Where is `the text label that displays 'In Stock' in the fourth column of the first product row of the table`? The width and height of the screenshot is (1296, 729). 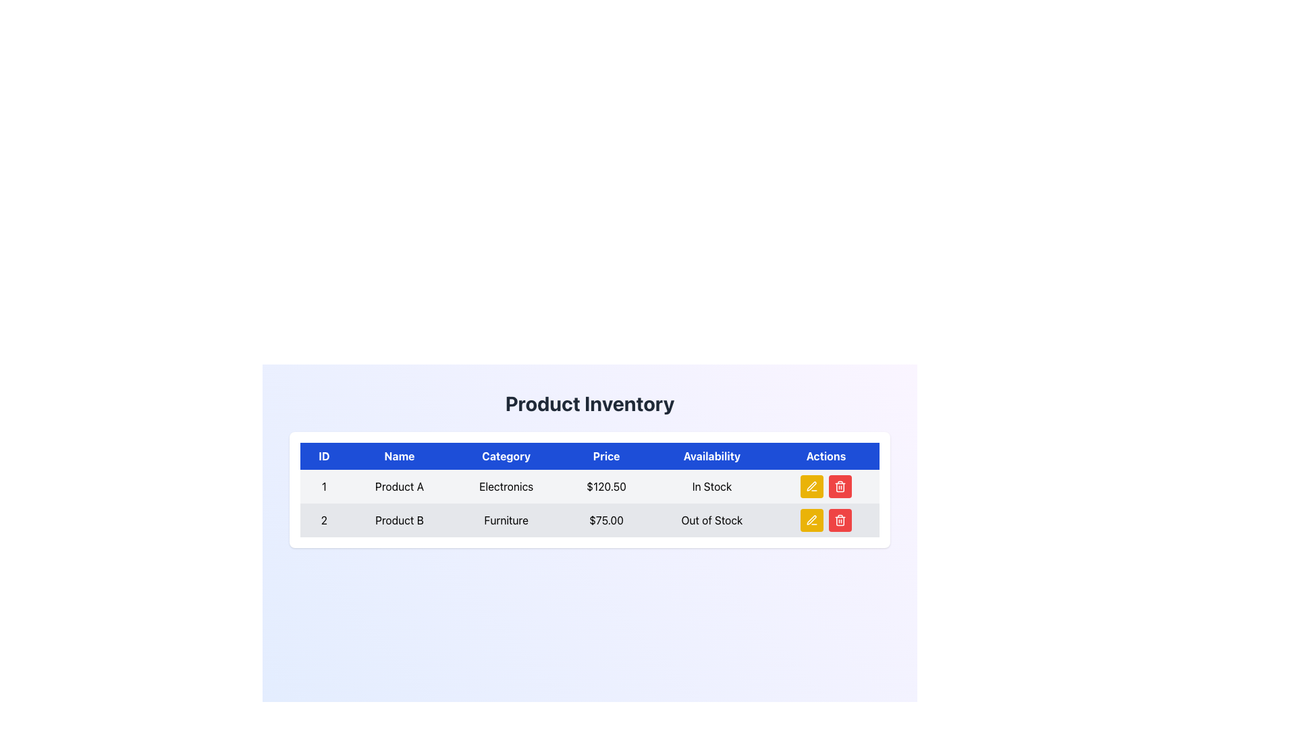
the text label that displays 'In Stock' in the fourth column of the first product row of the table is located at coordinates (711, 487).